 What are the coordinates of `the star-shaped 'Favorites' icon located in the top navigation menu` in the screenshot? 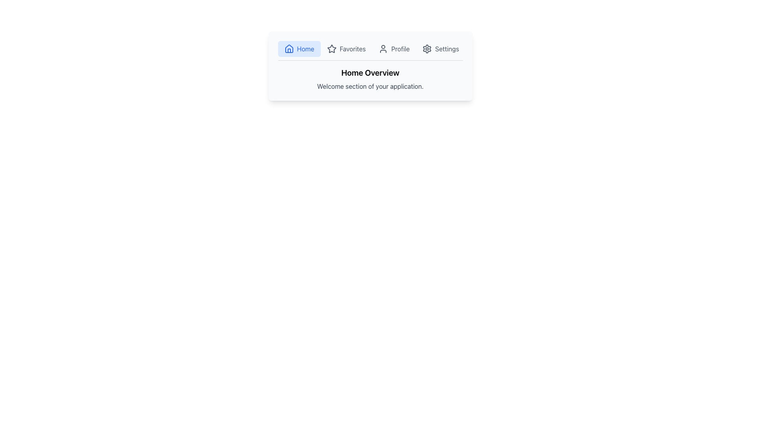 It's located at (331, 49).